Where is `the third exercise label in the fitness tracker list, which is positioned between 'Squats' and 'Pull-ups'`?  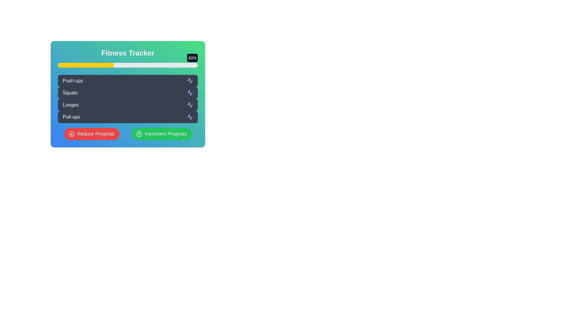
the third exercise label in the fitness tracker list, which is positioned between 'Squats' and 'Pull-ups' is located at coordinates (71, 104).